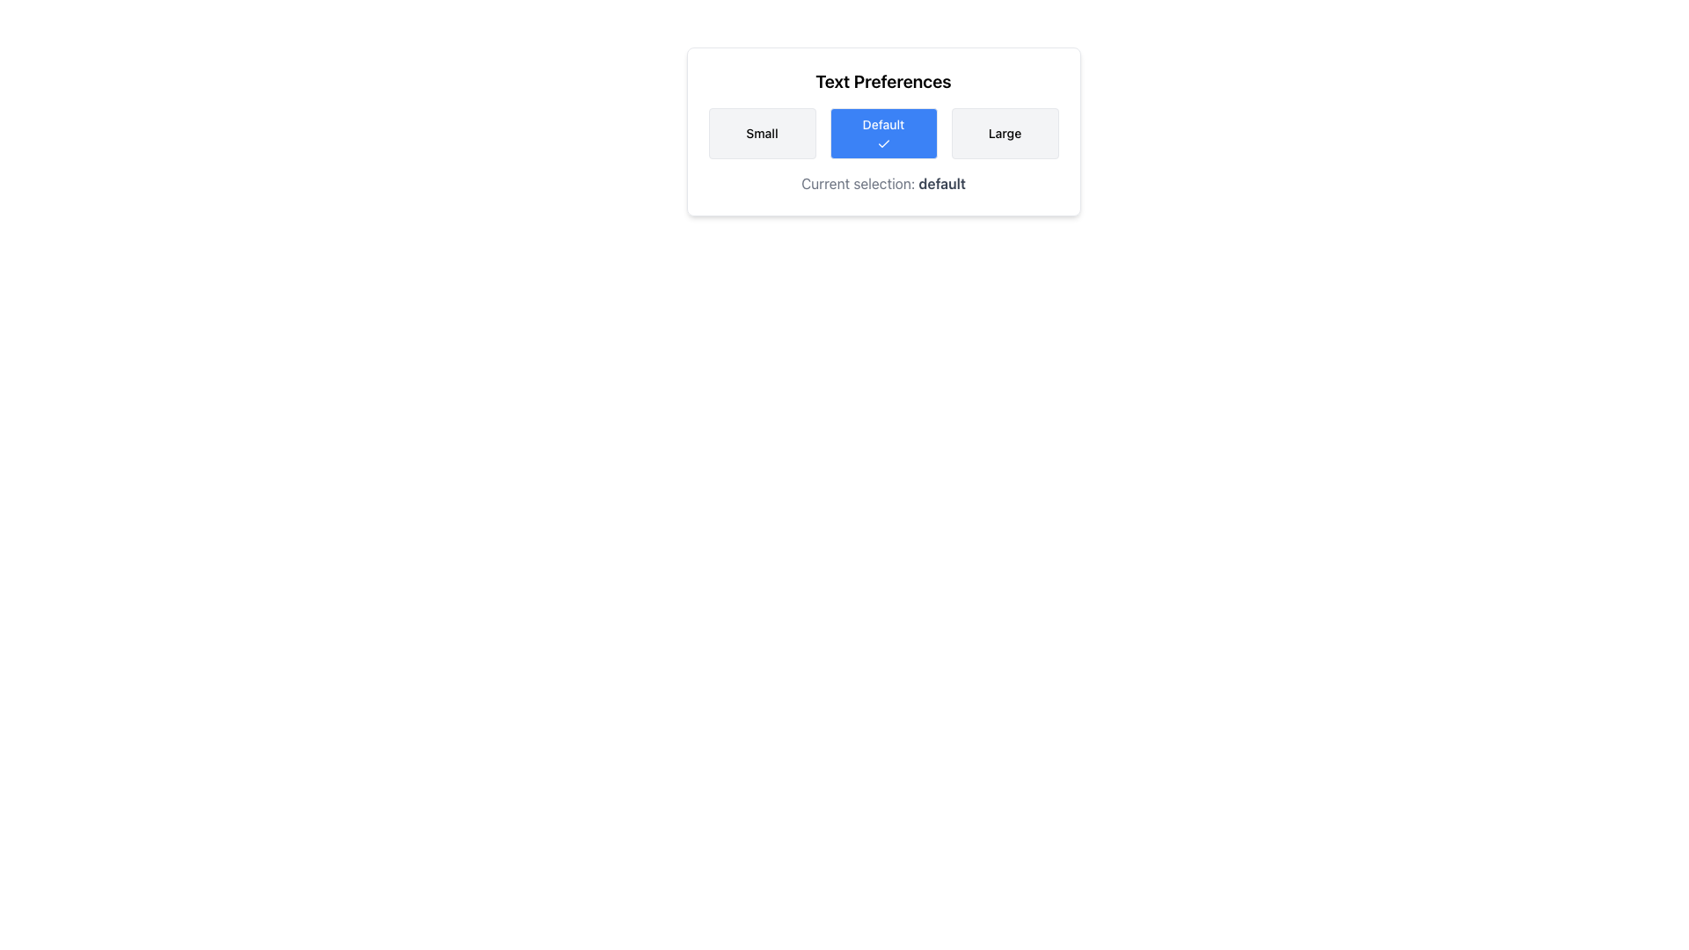  Describe the element at coordinates (883, 132) in the screenshot. I see `the 'Default' button with a blue background and white text` at that location.